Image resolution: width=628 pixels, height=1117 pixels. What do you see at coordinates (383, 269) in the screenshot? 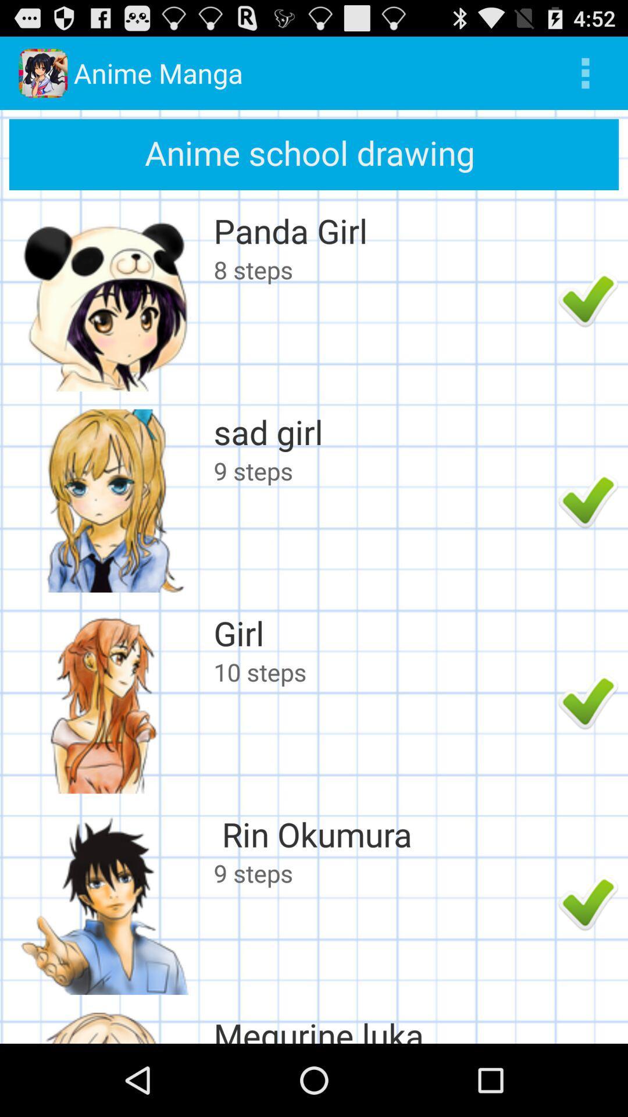
I see `the 8 steps` at bounding box center [383, 269].